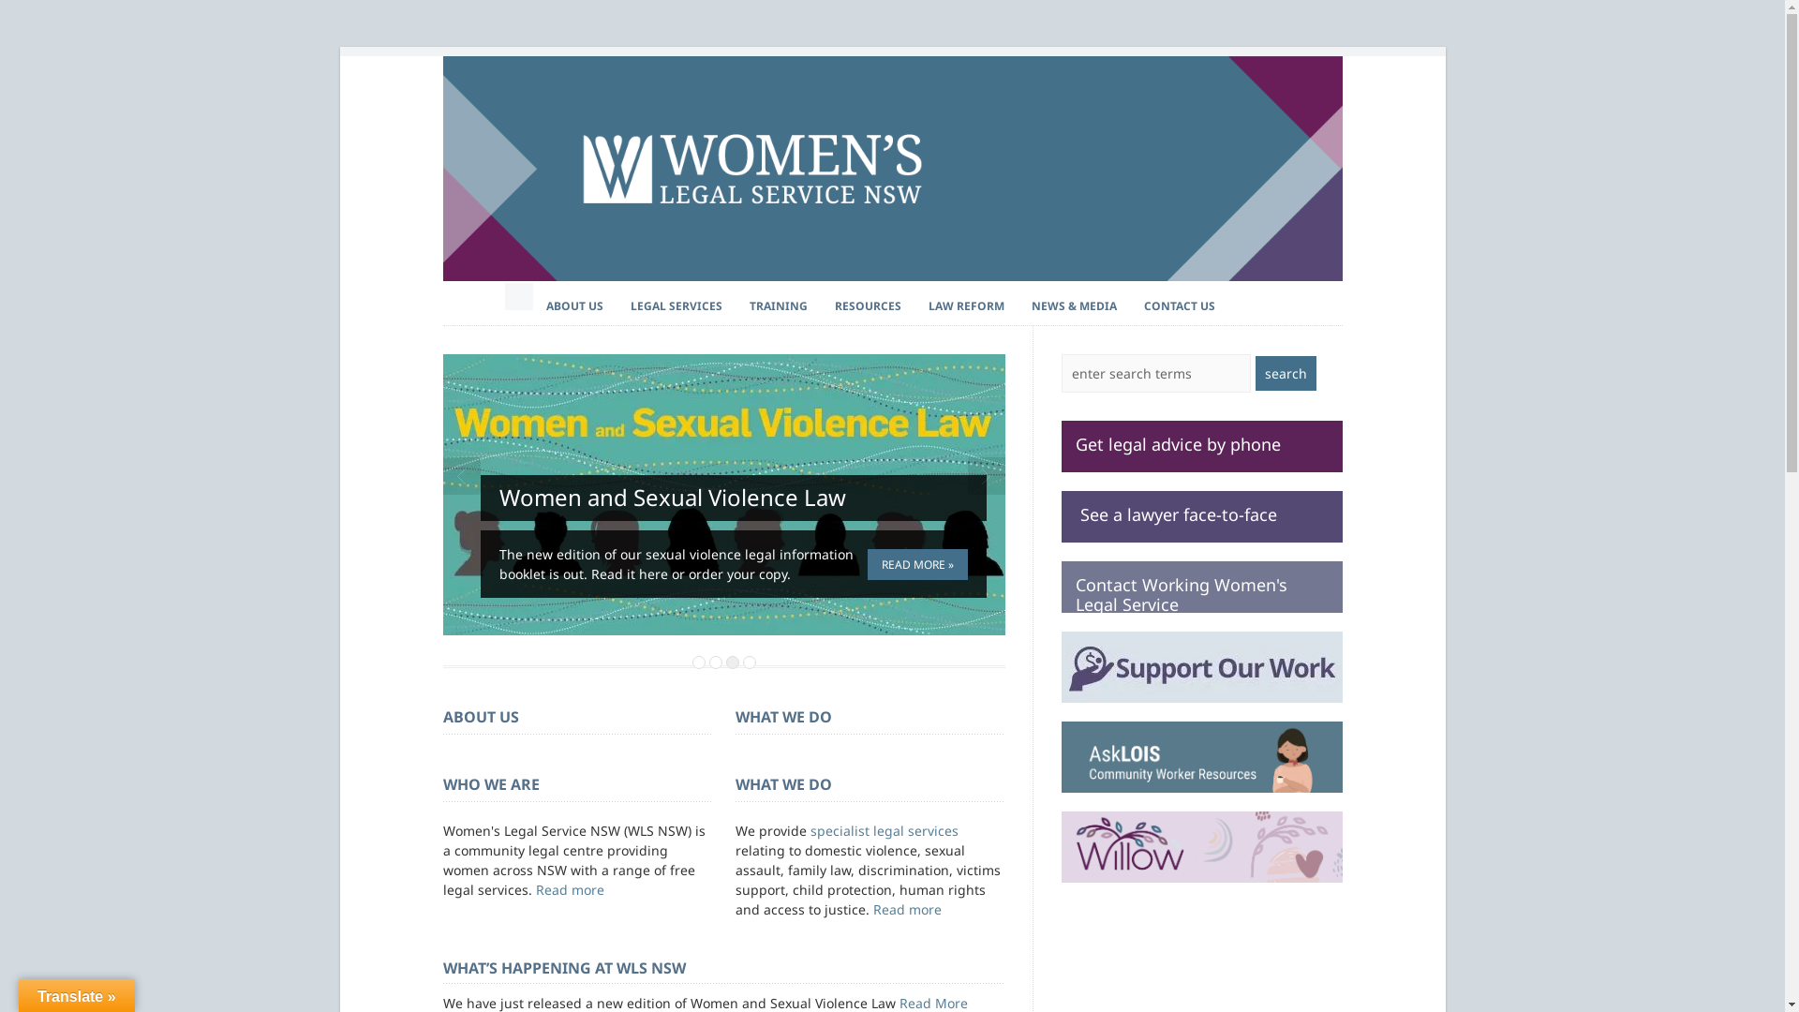 This screenshot has height=1012, width=1799. What do you see at coordinates (914, 305) in the screenshot?
I see `'LAW REFORM'` at bounding box center [914, 305].